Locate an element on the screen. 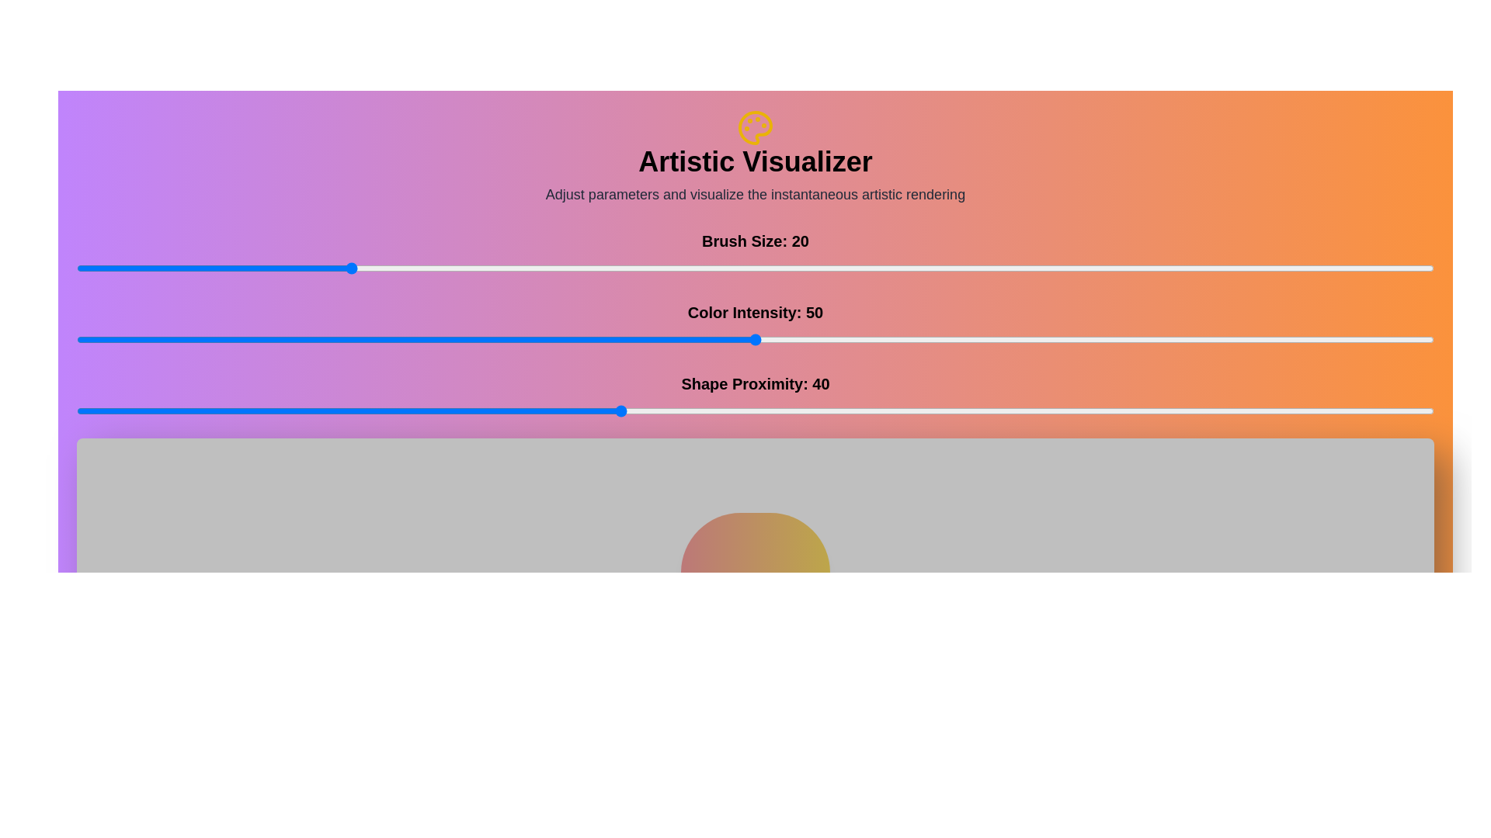 The height and width of the screenshot is (838, 1491). the 'Shape Proximity' slider to 29 value is located at coordinates (469, 410).